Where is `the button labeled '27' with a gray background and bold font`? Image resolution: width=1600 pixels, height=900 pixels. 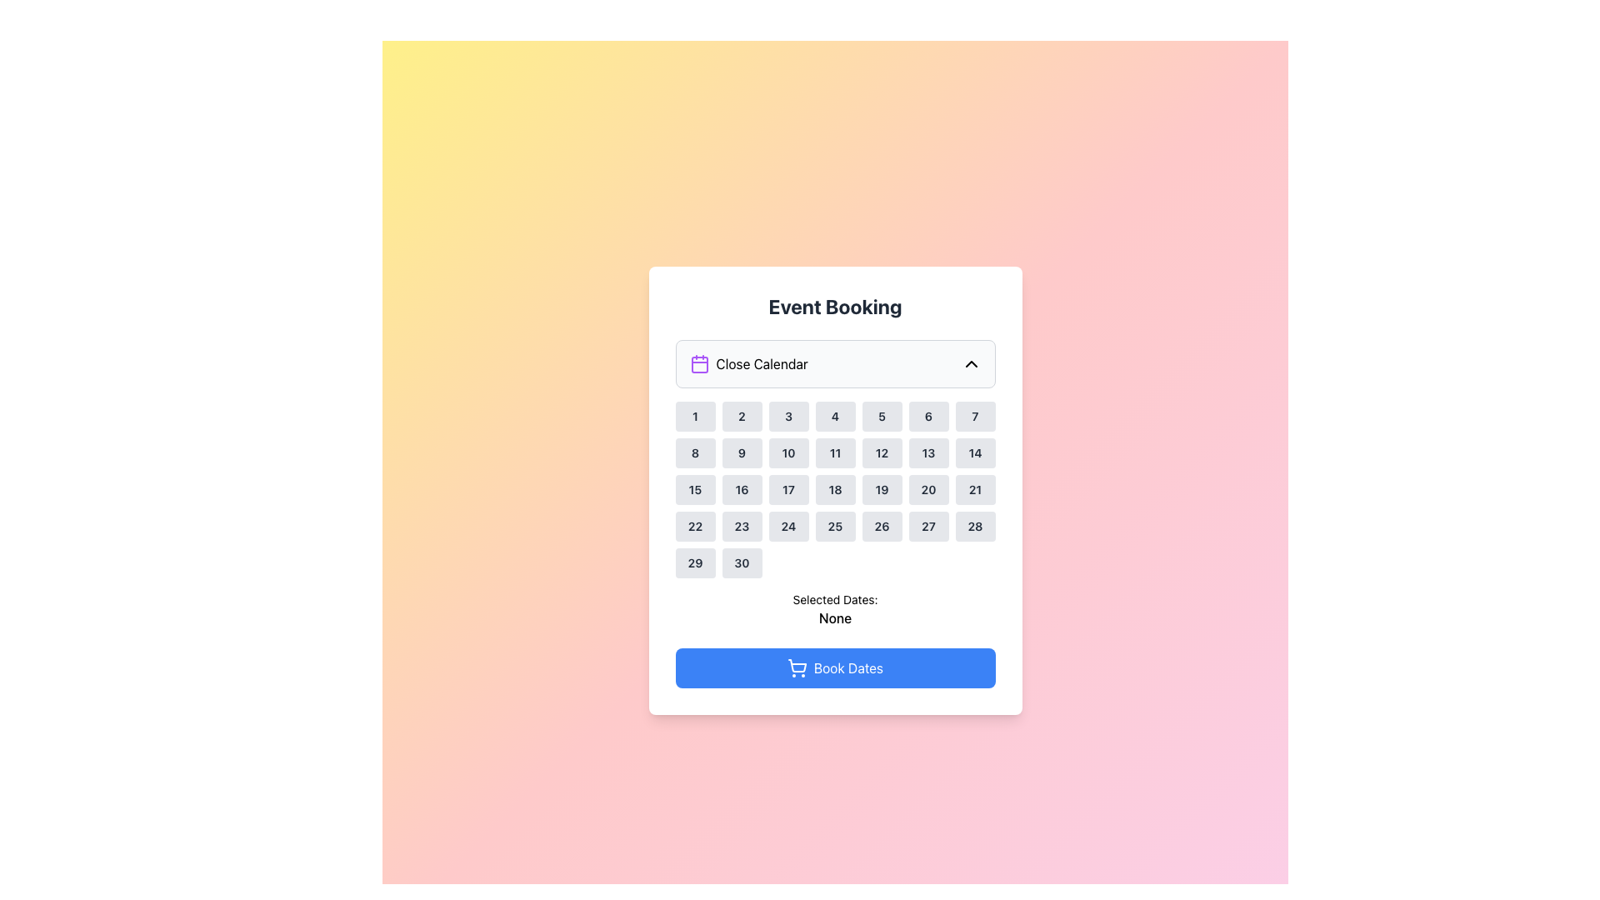 the button labeled '27' with a gray background and bold font is located at coordinates (927, 527).